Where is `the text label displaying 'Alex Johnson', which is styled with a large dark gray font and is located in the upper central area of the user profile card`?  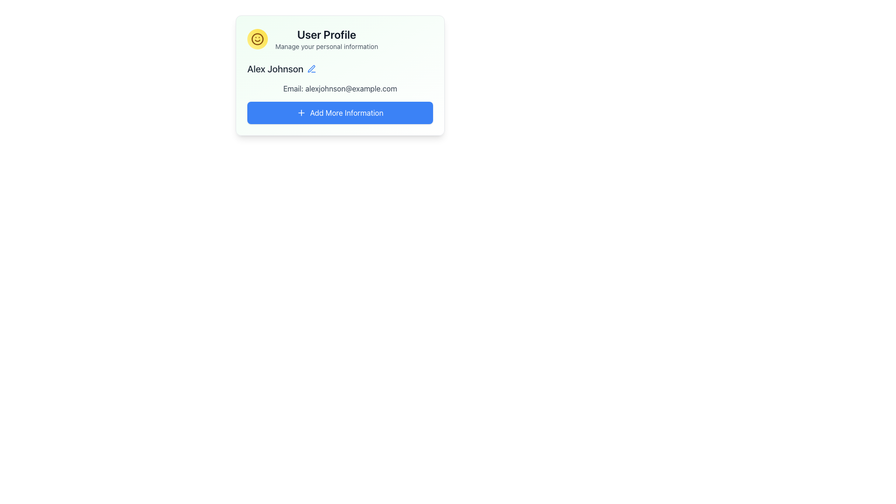
the text label displaying 'Alex Johnson', which is styled with a large dark gray font and is located in the upper central area of the user profile card is located at coordinates (275, 68).